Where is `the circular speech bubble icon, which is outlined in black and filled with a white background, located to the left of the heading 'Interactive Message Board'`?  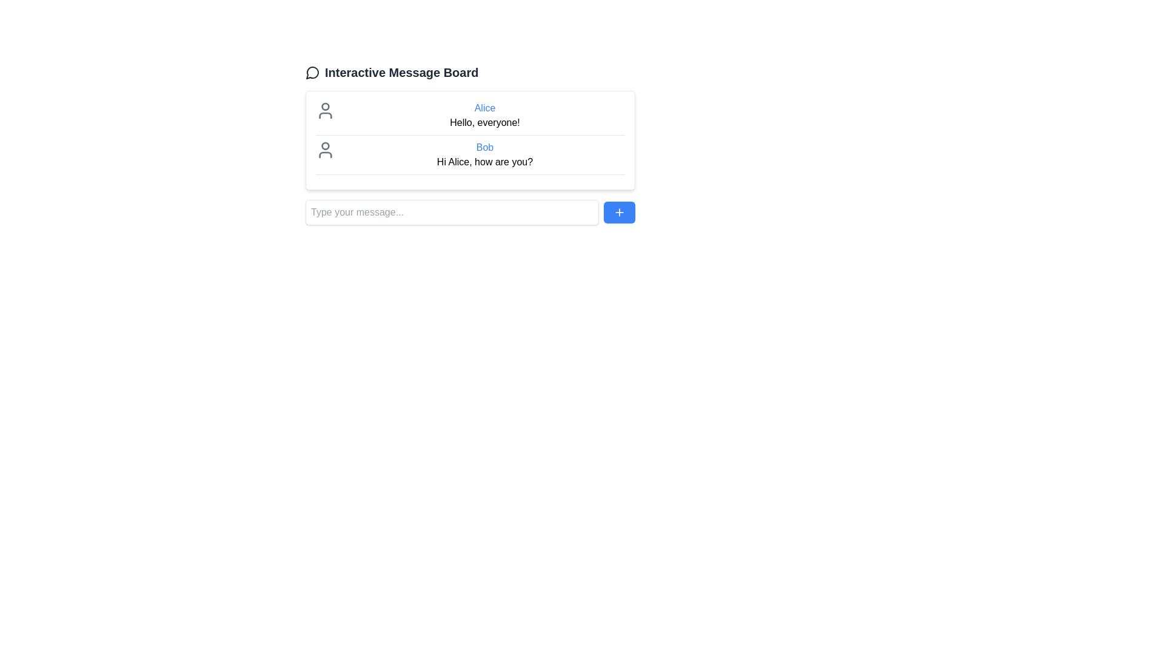 the circular speech bubble icon, which is outlined in black and filled with a white background, located to the left of the heading 'Interactive Message Board' is located at coordinates (312, 72).